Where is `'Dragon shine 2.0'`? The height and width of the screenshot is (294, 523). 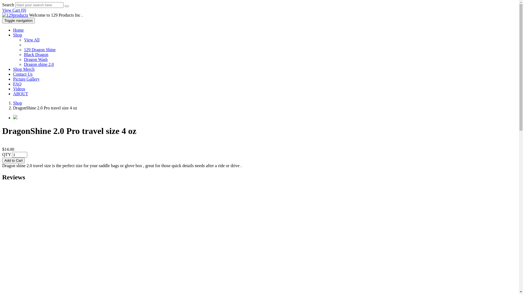
'Dragon shine 2.0' is located at coordinates (23, 64).